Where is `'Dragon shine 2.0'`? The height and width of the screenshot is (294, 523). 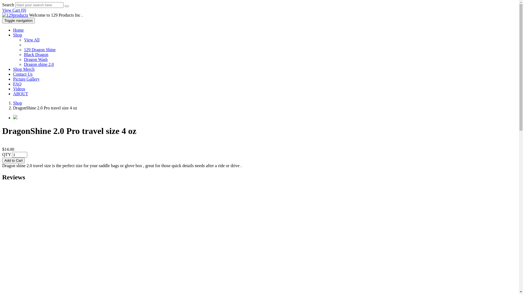
'Dragon shine 2.0' is located at coordinates (23, 64).